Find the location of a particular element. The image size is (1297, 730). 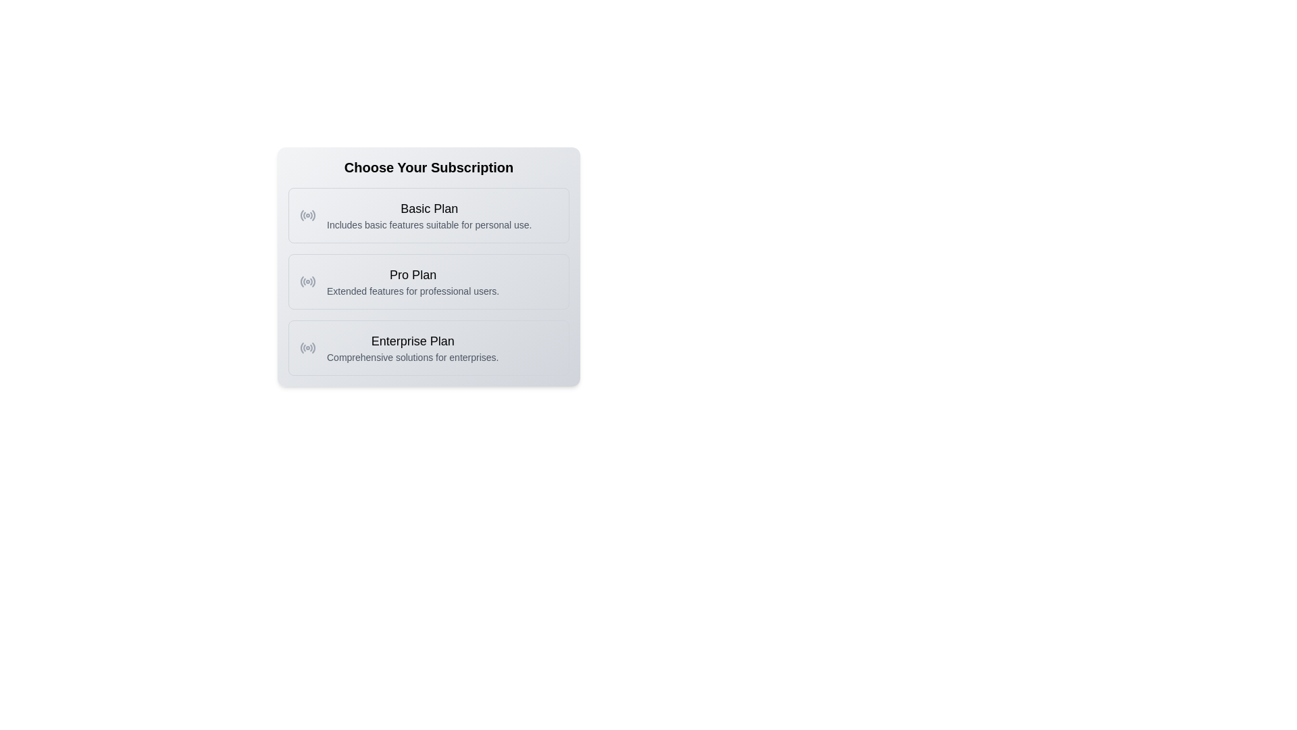

text element that provides a description for the 'Enterprise Plan', which states 'Comprehensive solutions for enterprises.' is located at coordinates (412, 356).